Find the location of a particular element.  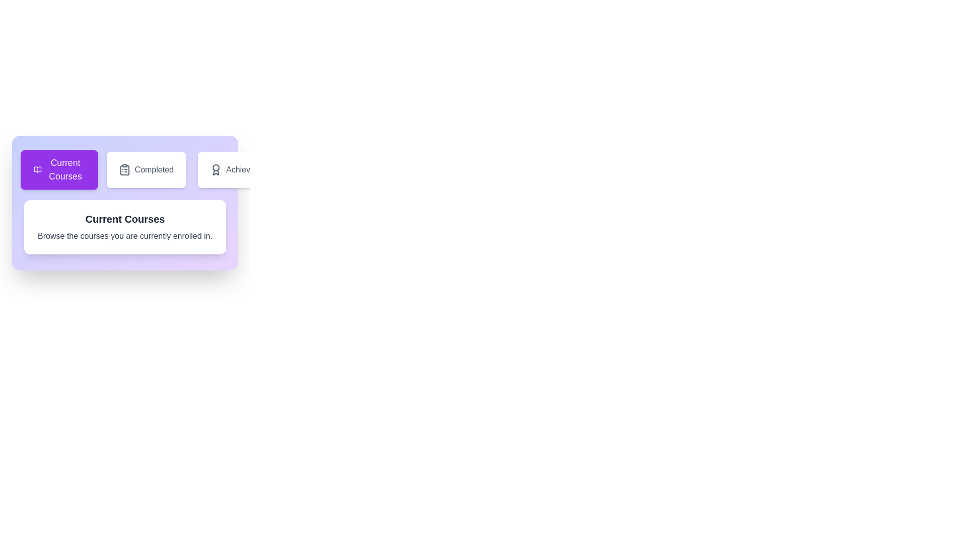

the tab labeled Current Courses by clicking on it is located at coordinates (58, 169).